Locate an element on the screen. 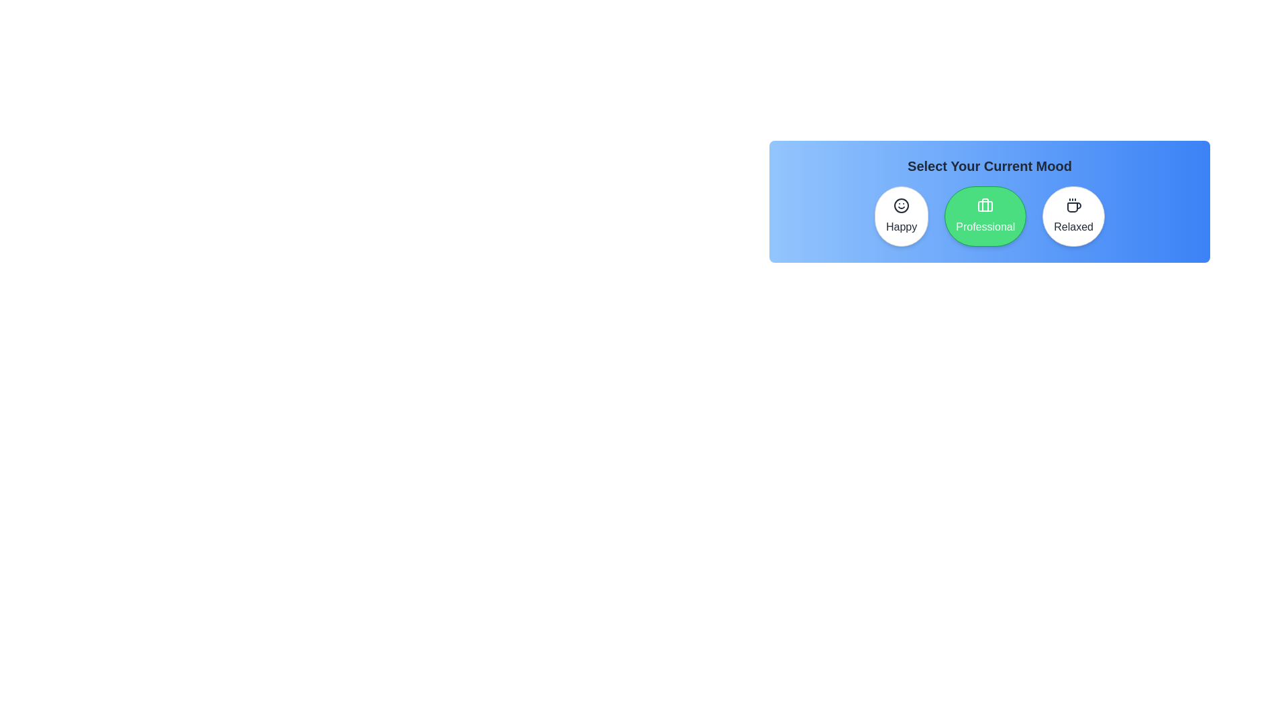  the mood button corresponding to Professional is located at coordinates (985, 216).